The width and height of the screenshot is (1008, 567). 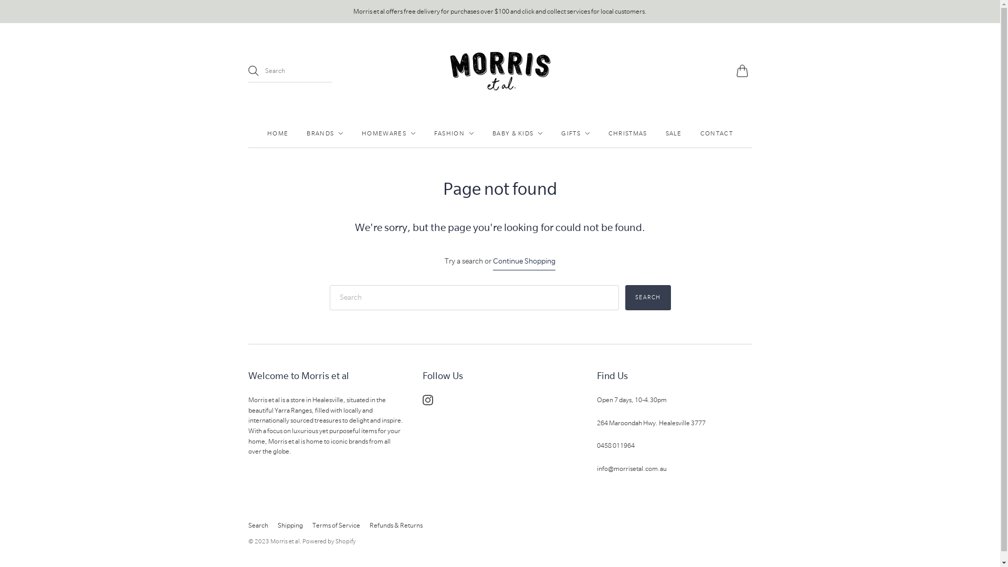 I want to click on 'Refunds & Returns', so click(x=395, y=525).